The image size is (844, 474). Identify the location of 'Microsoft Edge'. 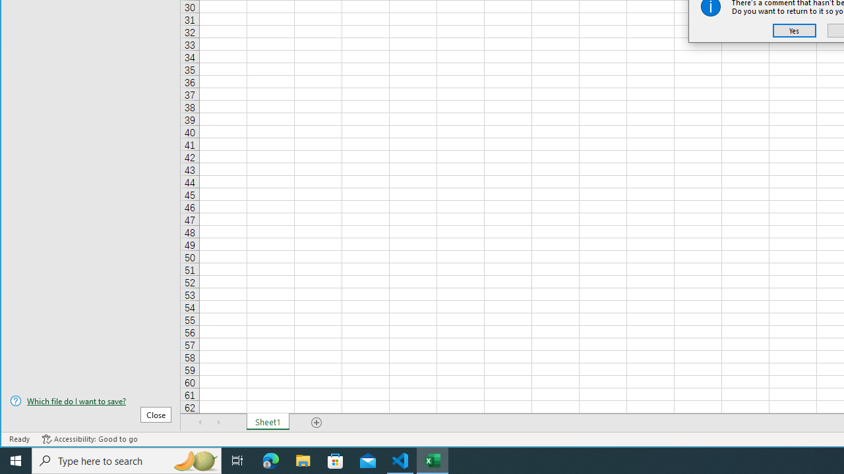
(270, 460).